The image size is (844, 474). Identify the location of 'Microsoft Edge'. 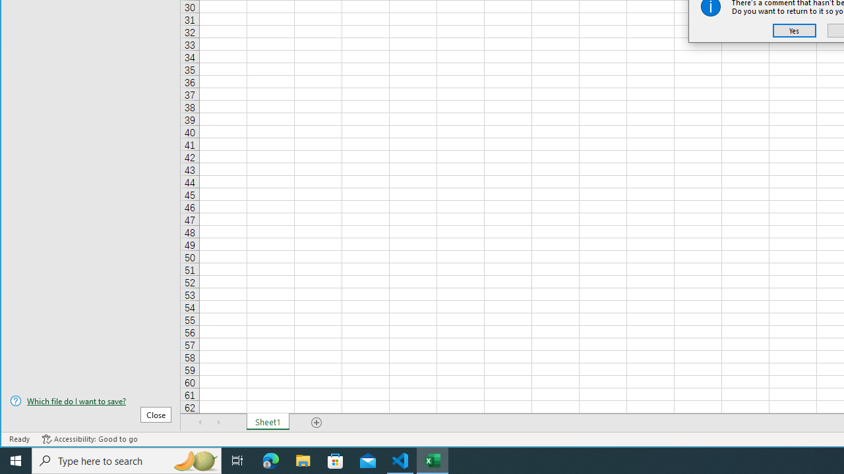
(270, 460).